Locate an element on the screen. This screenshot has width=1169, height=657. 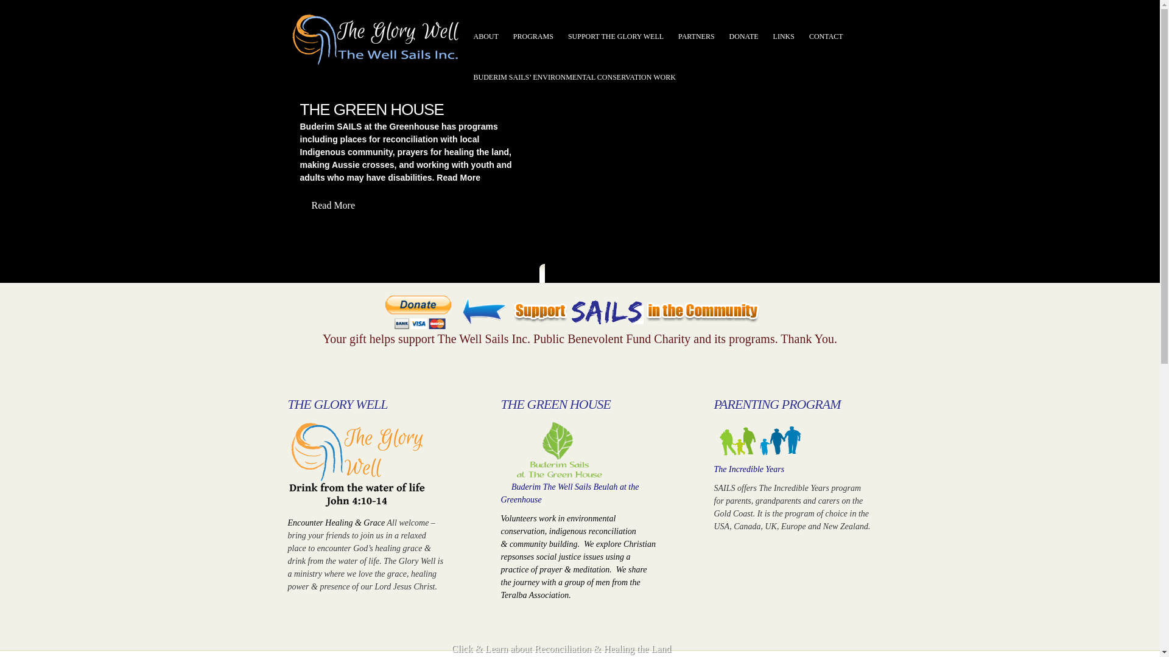
'4' is located at coordinates (591, 275).